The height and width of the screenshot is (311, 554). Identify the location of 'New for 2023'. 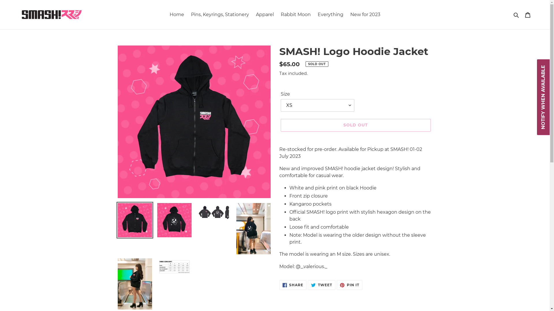
(365, 14).